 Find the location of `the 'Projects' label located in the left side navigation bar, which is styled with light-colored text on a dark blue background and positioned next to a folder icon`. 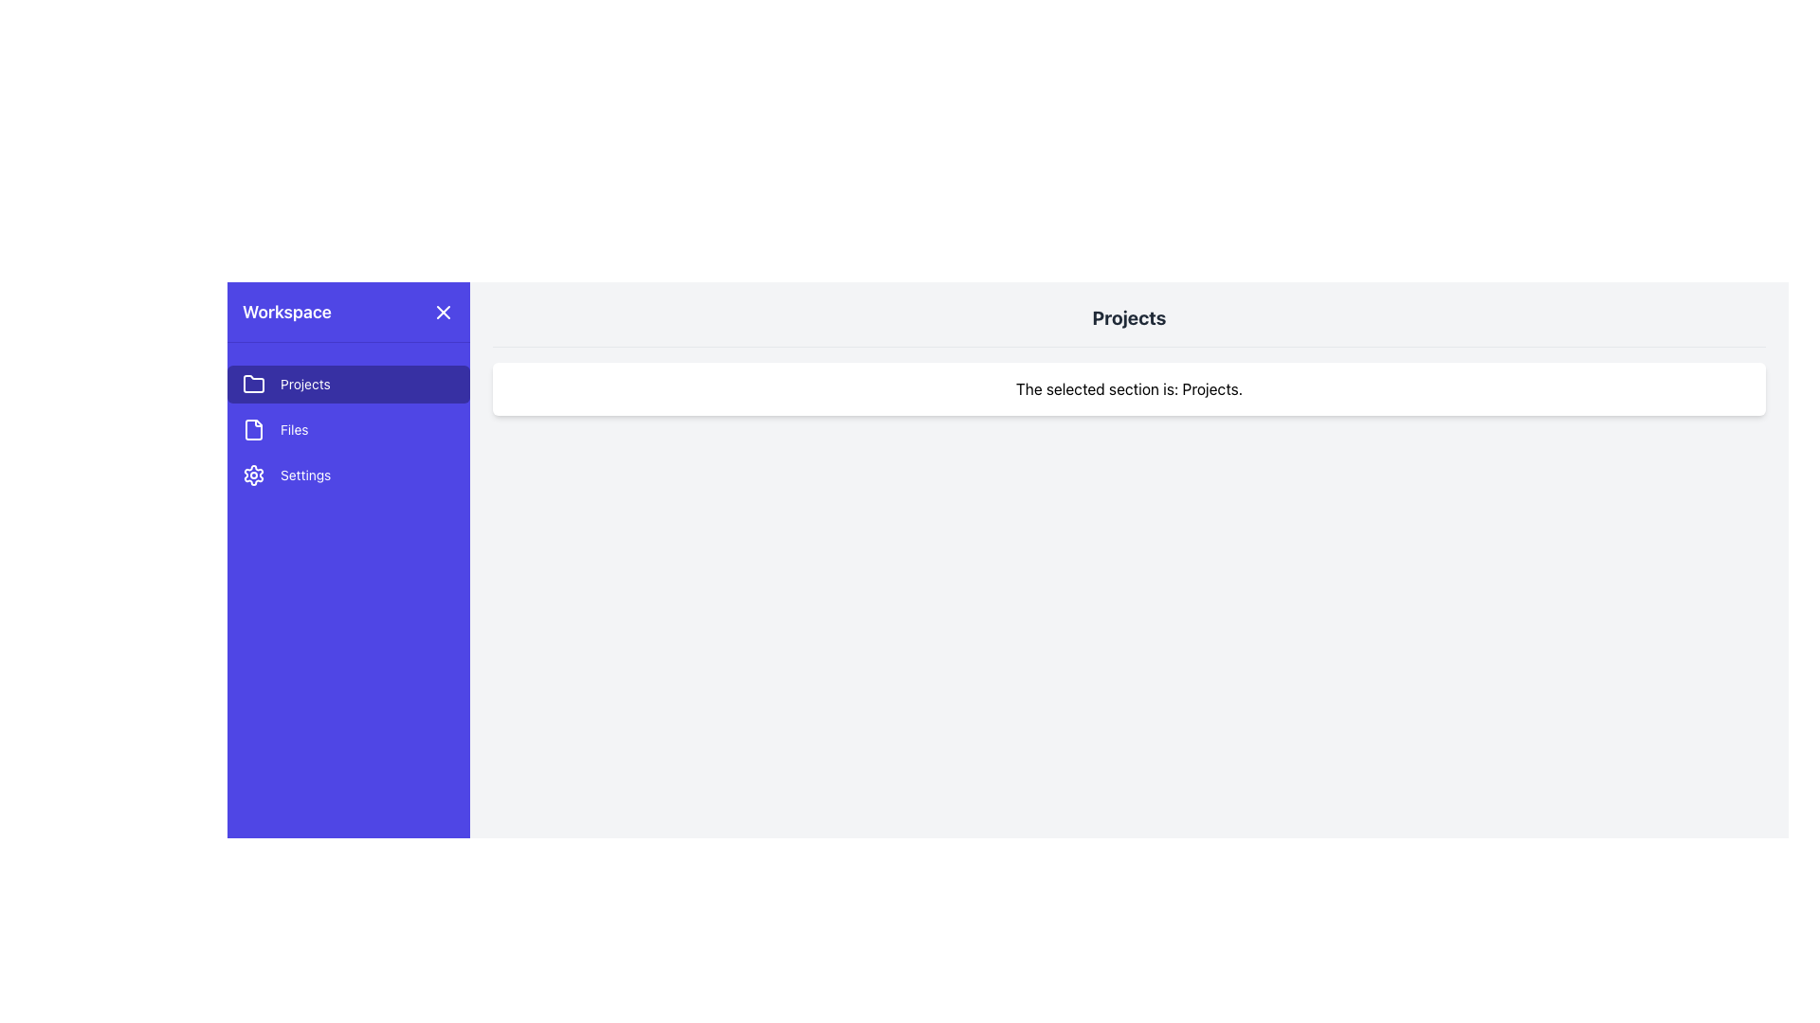

the 'Projects' label located in the left side navigation bar, which is styled with light-colored text on a dark blue background and positioned next to a folder icon is located at coordinates (305, 384).